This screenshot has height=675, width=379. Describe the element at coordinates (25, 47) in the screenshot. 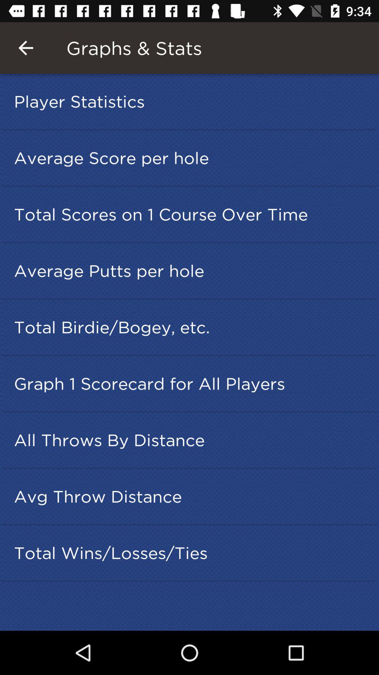

I see `the item next to the graphs & stats` at that location.